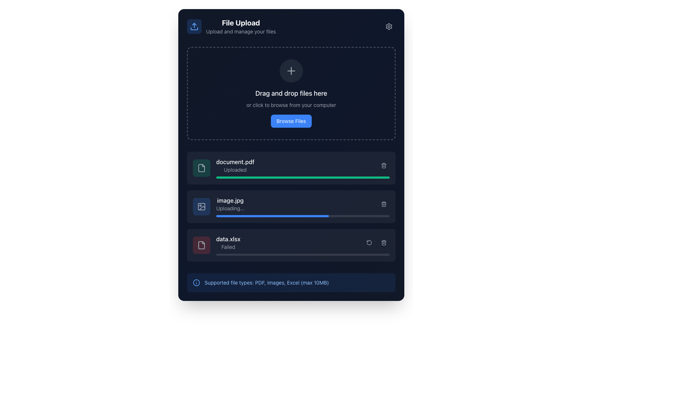  Describe the element at coordinates (369, 243) in the screenshot. I see `the 'Counterclockwise Rotation' icon button located in the middle-right of the UI toolbar` at that location.